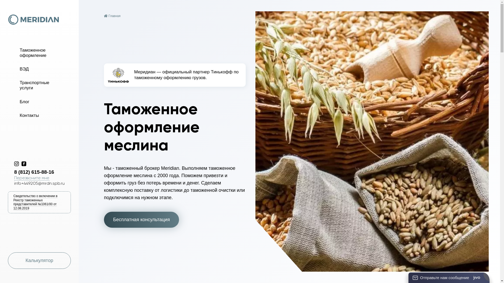 Image resolution: width=504 pixels, height=283 pixels. I want to click on 'info+449205@mrdn.spb.ru', so click(39, 183).